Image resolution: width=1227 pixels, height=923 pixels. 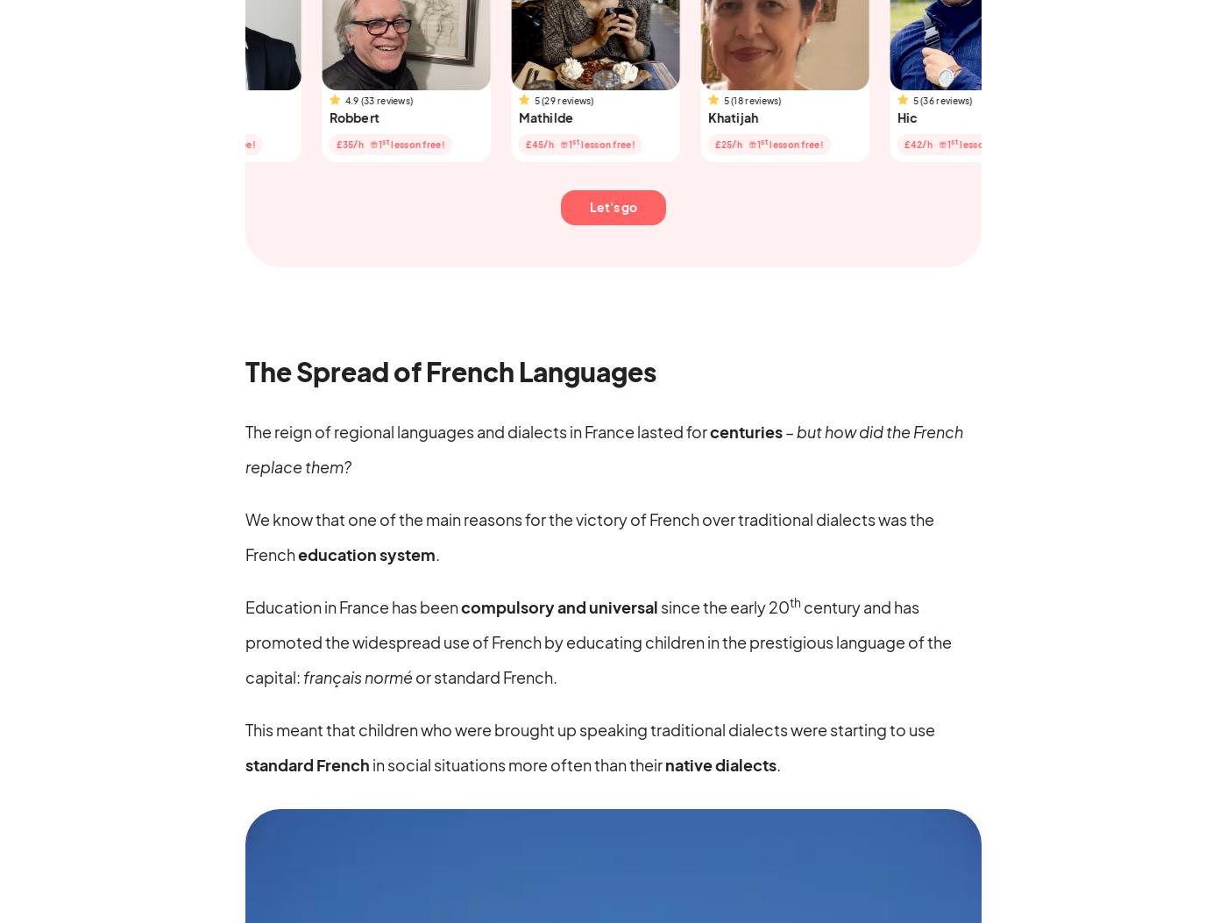 What do you see at coordinates (411, 676) in the screenshot?
I see `'or standard French.'` at bounding box center [411, 676].